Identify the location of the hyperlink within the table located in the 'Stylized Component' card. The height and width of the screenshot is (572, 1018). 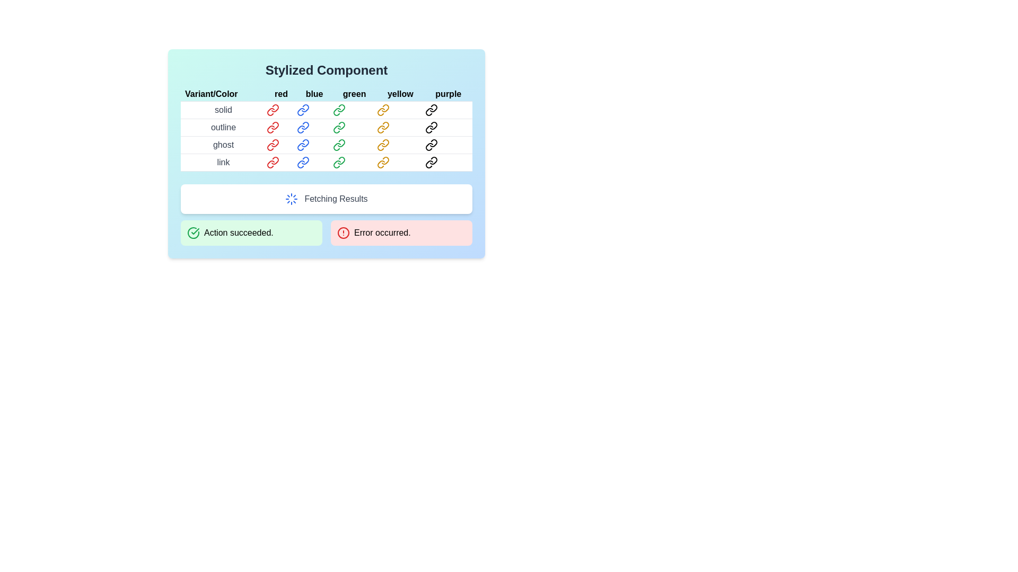
(326, 128).